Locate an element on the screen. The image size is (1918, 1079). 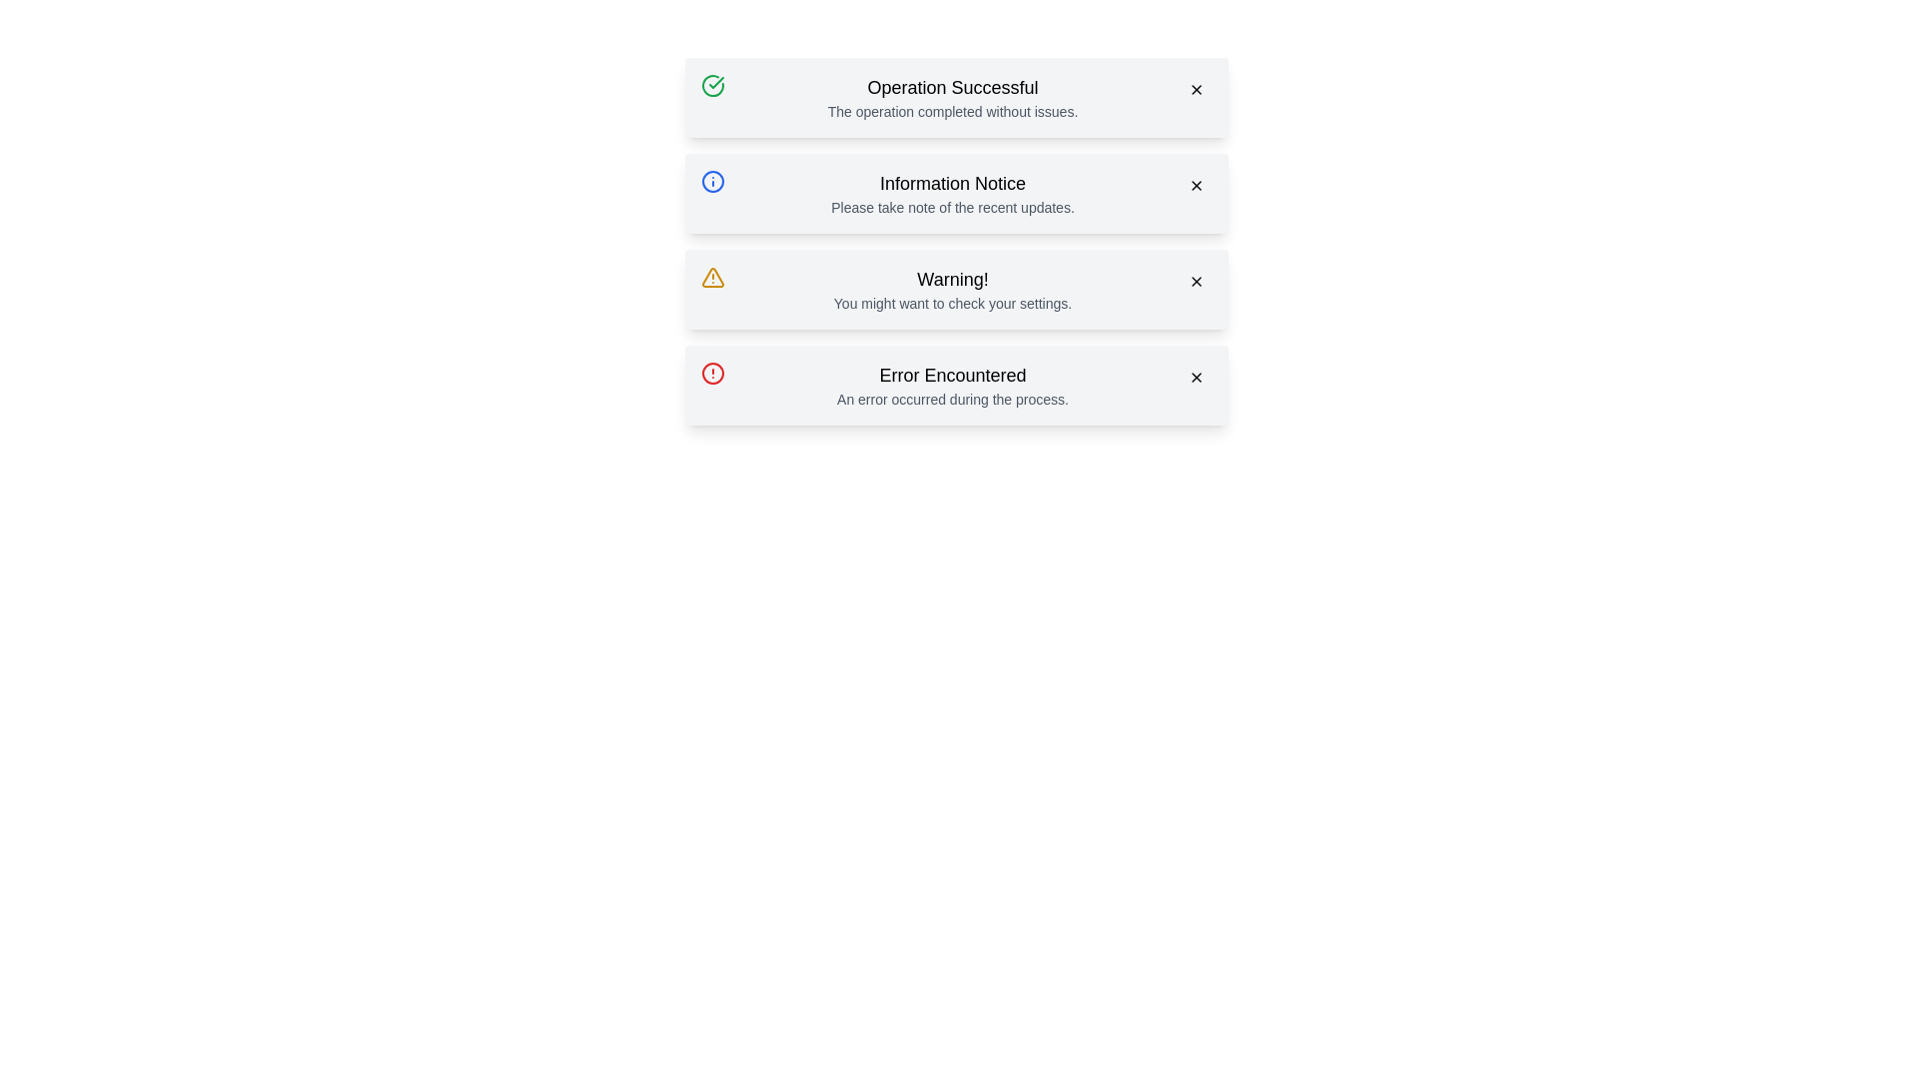
close button of the alert with the title Information Notice is located at coordinates (1197, 185).